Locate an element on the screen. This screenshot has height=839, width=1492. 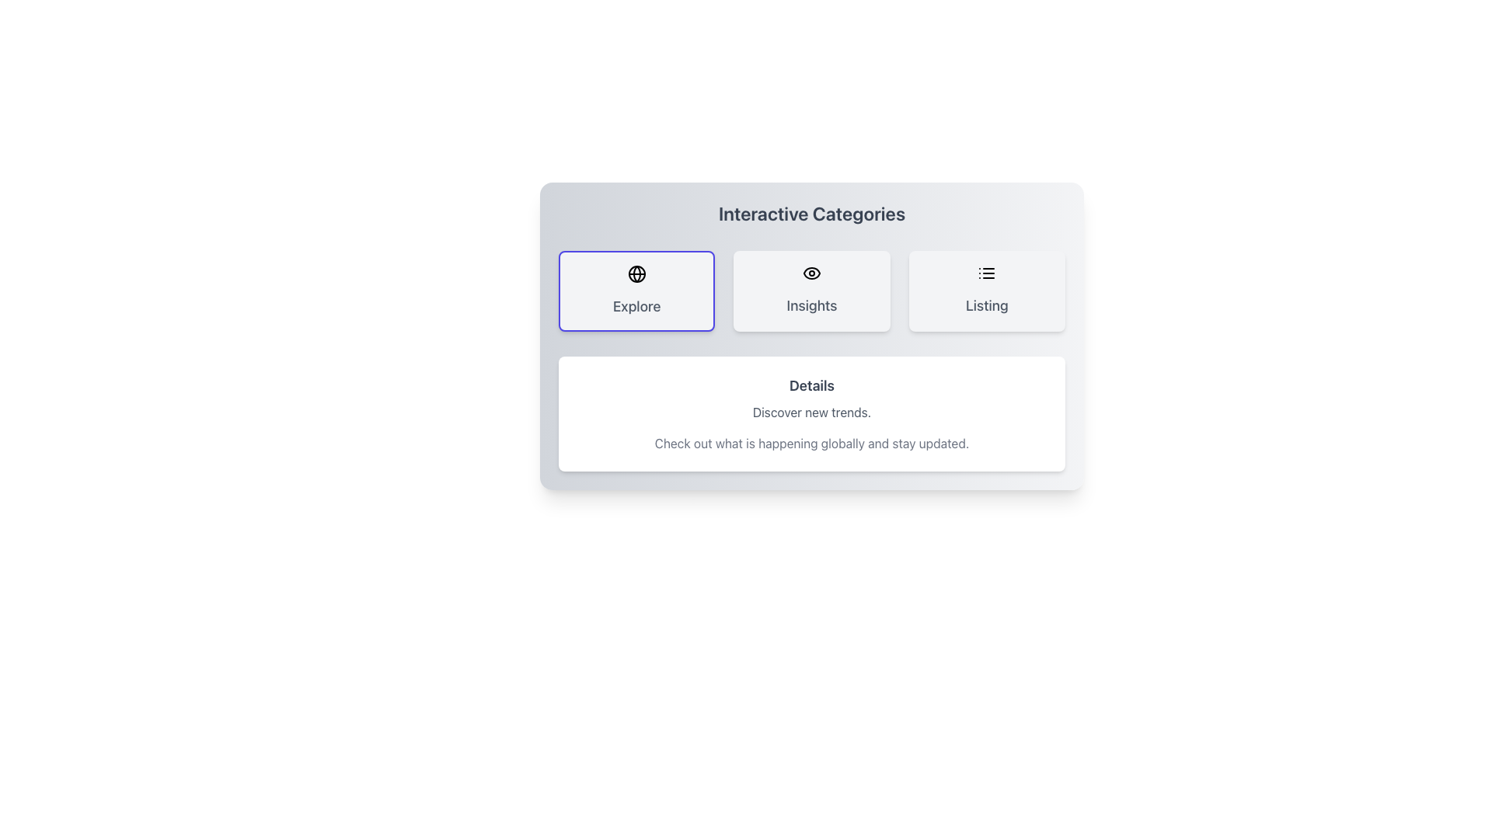
the circular globe icon located at the top-center of the 'Explore' card, which features a grid-like pattern and represents a world map is located at coordinates (636, 273).